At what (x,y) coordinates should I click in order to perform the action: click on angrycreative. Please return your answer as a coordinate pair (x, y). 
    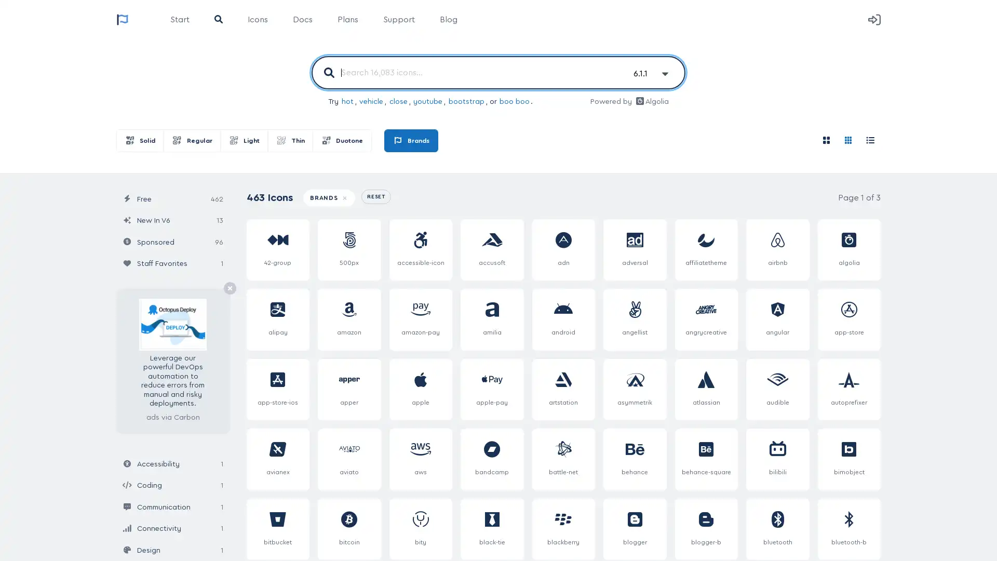
    Looking at the image, I should click on (706, 326).